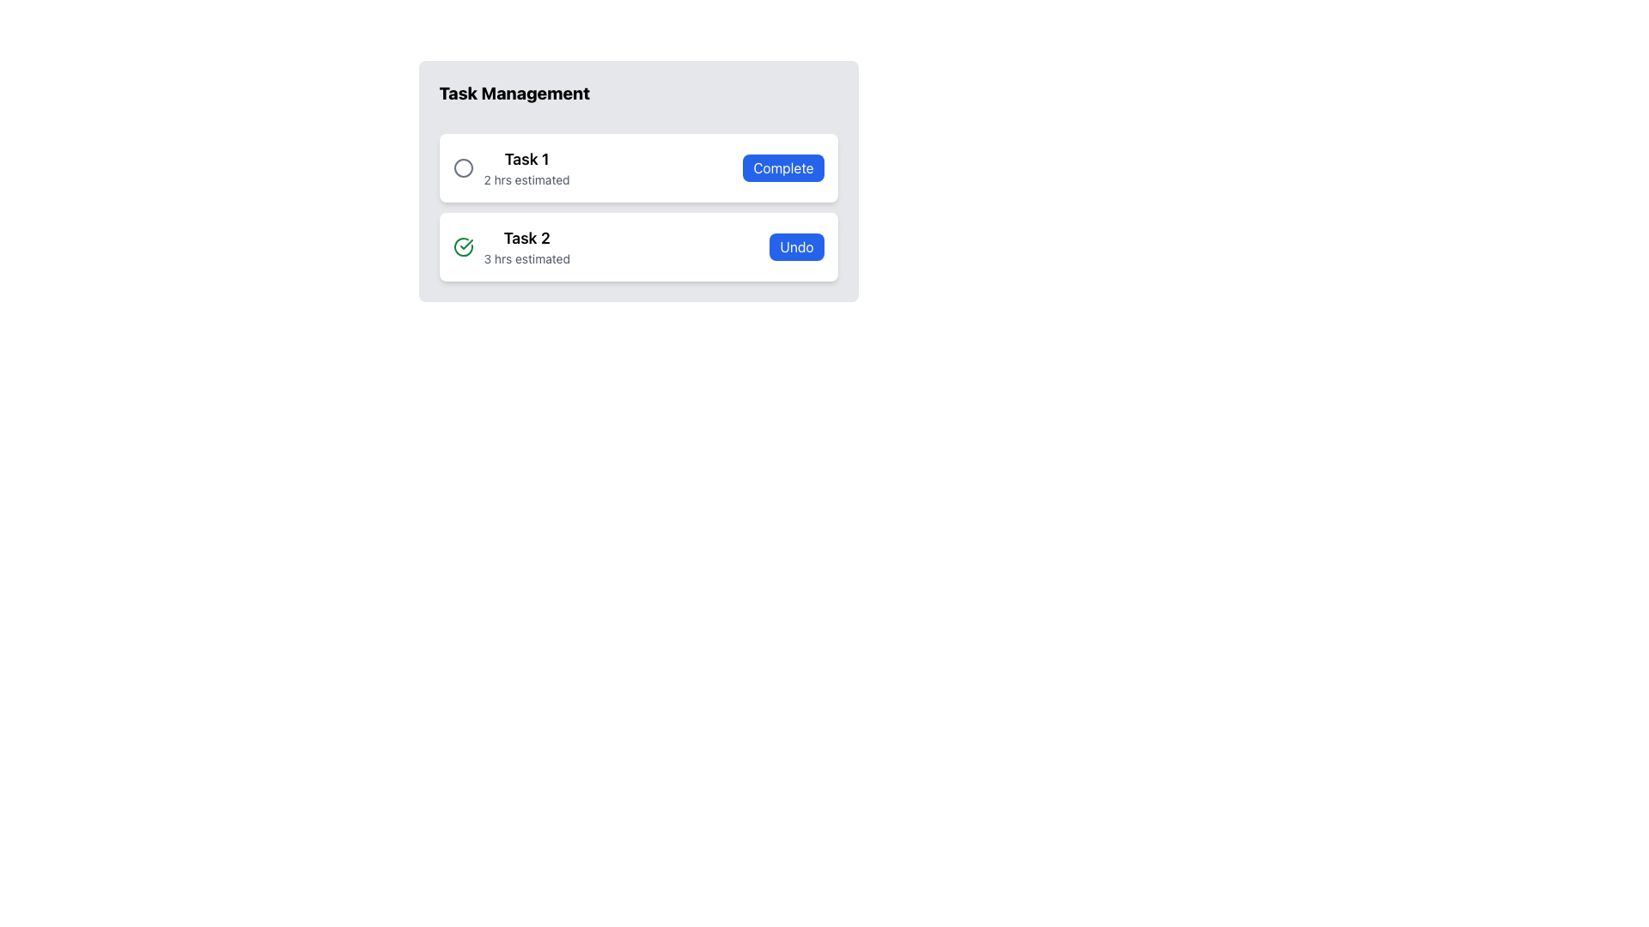 The image size is (1649, 927). I want to click on the text label indicating the estimated time duration for the associated task, which is positioned below the 'Task 1' title within the first task card and aligned to its left side, so click(526, 179).